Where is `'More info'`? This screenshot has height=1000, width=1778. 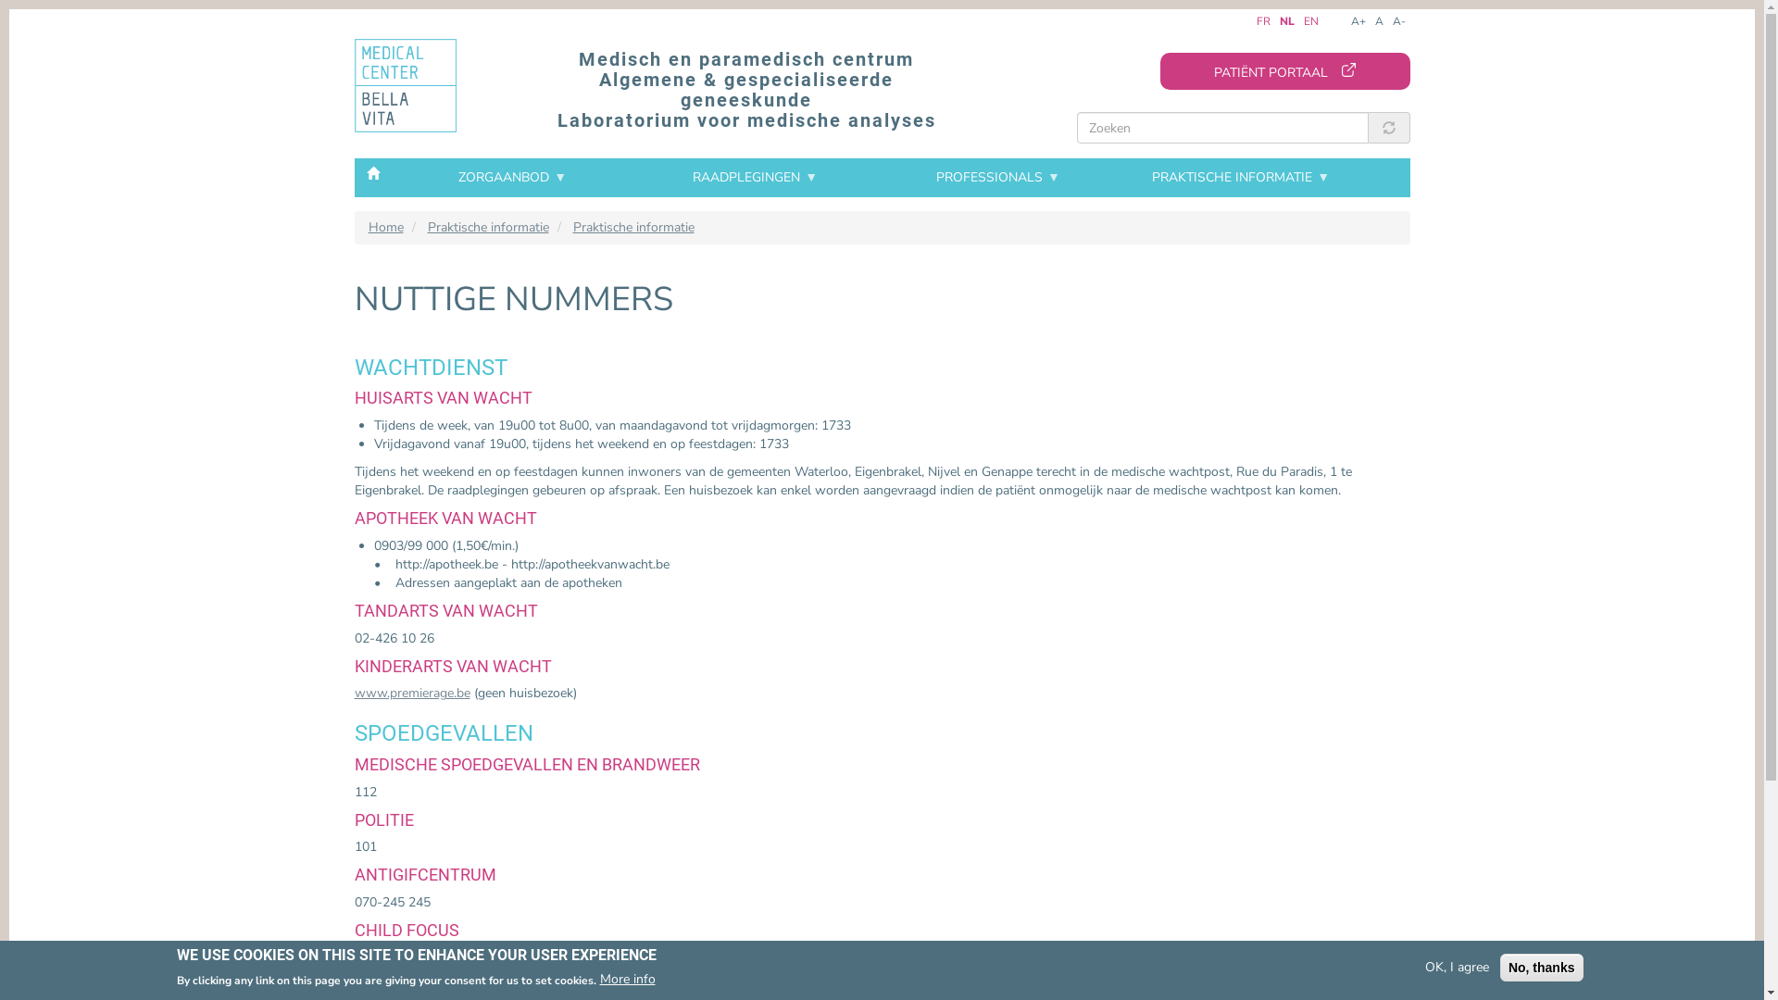 'More info' is located at coordinates (600, 978).